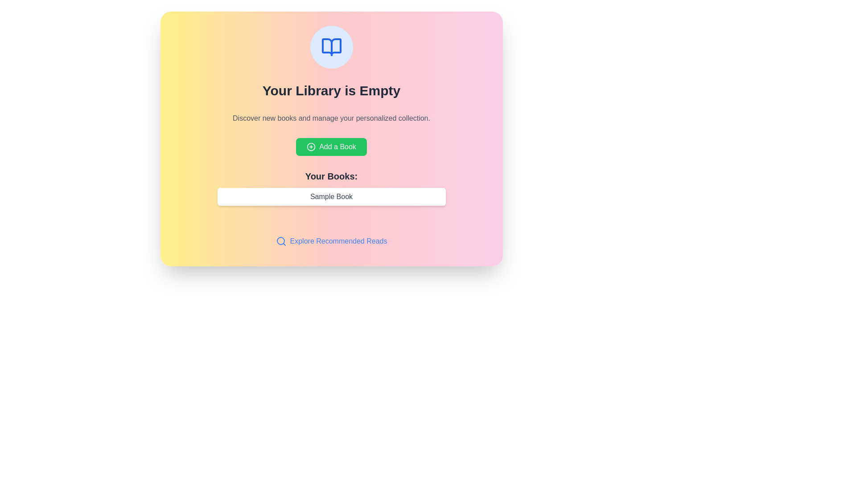 The height and width of the screenshot is (481, 856). Describe the element at coordinates (280, 241) in the screenshot. I see `the 'Explore Recommended Reads' icon, which visually represents the search function and is located to the left of the text` at that location.